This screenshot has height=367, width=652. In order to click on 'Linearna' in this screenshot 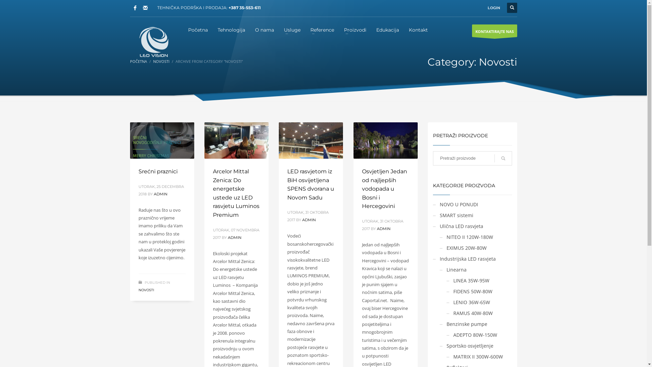, I will do `click(453, 269)`.